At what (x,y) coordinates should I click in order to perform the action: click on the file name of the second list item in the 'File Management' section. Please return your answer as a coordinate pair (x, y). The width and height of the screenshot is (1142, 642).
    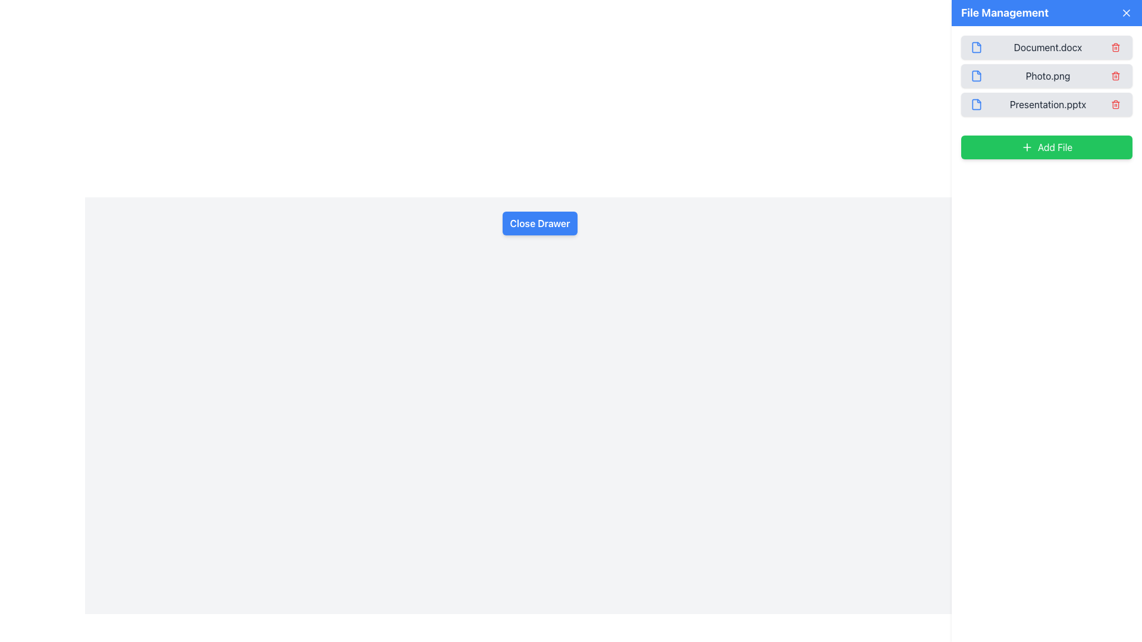
    Looking at the image, I should click on (1047, 75).